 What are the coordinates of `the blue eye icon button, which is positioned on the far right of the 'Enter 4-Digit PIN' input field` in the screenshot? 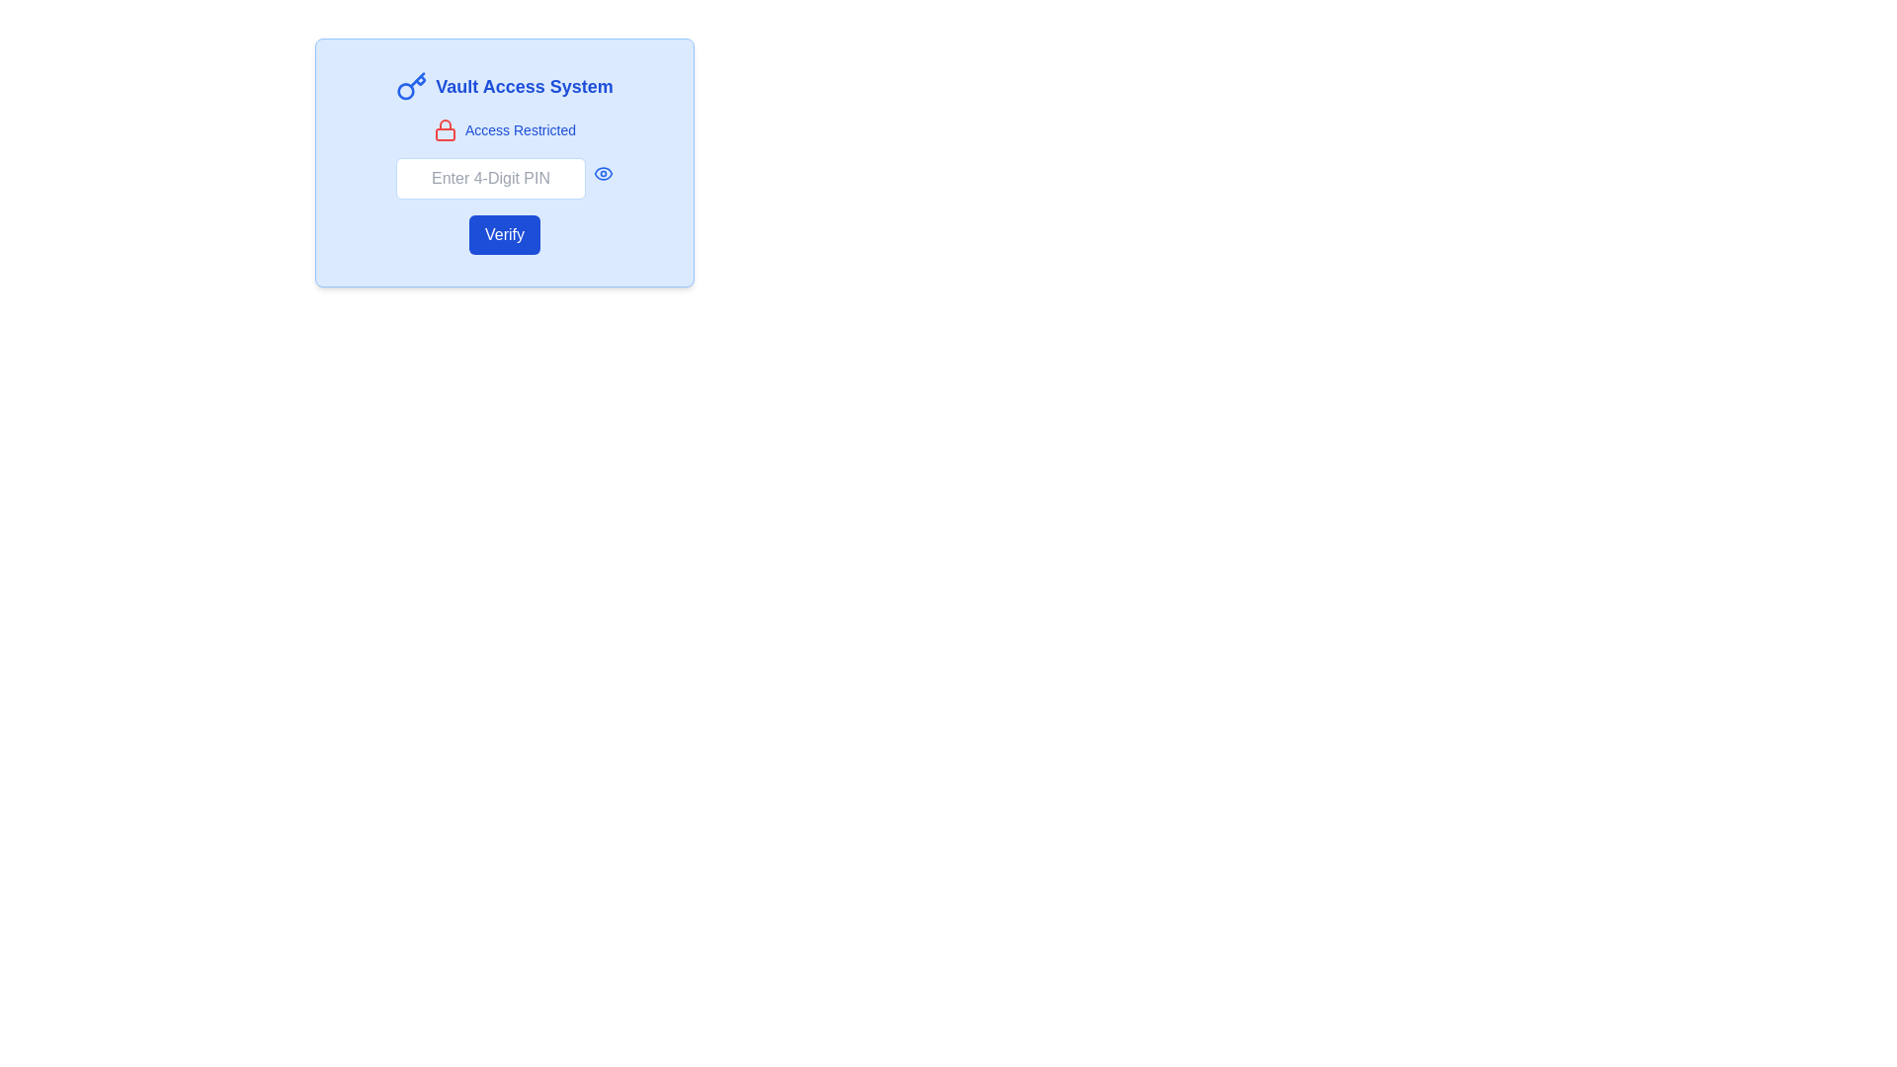 It's located at (602, 173).